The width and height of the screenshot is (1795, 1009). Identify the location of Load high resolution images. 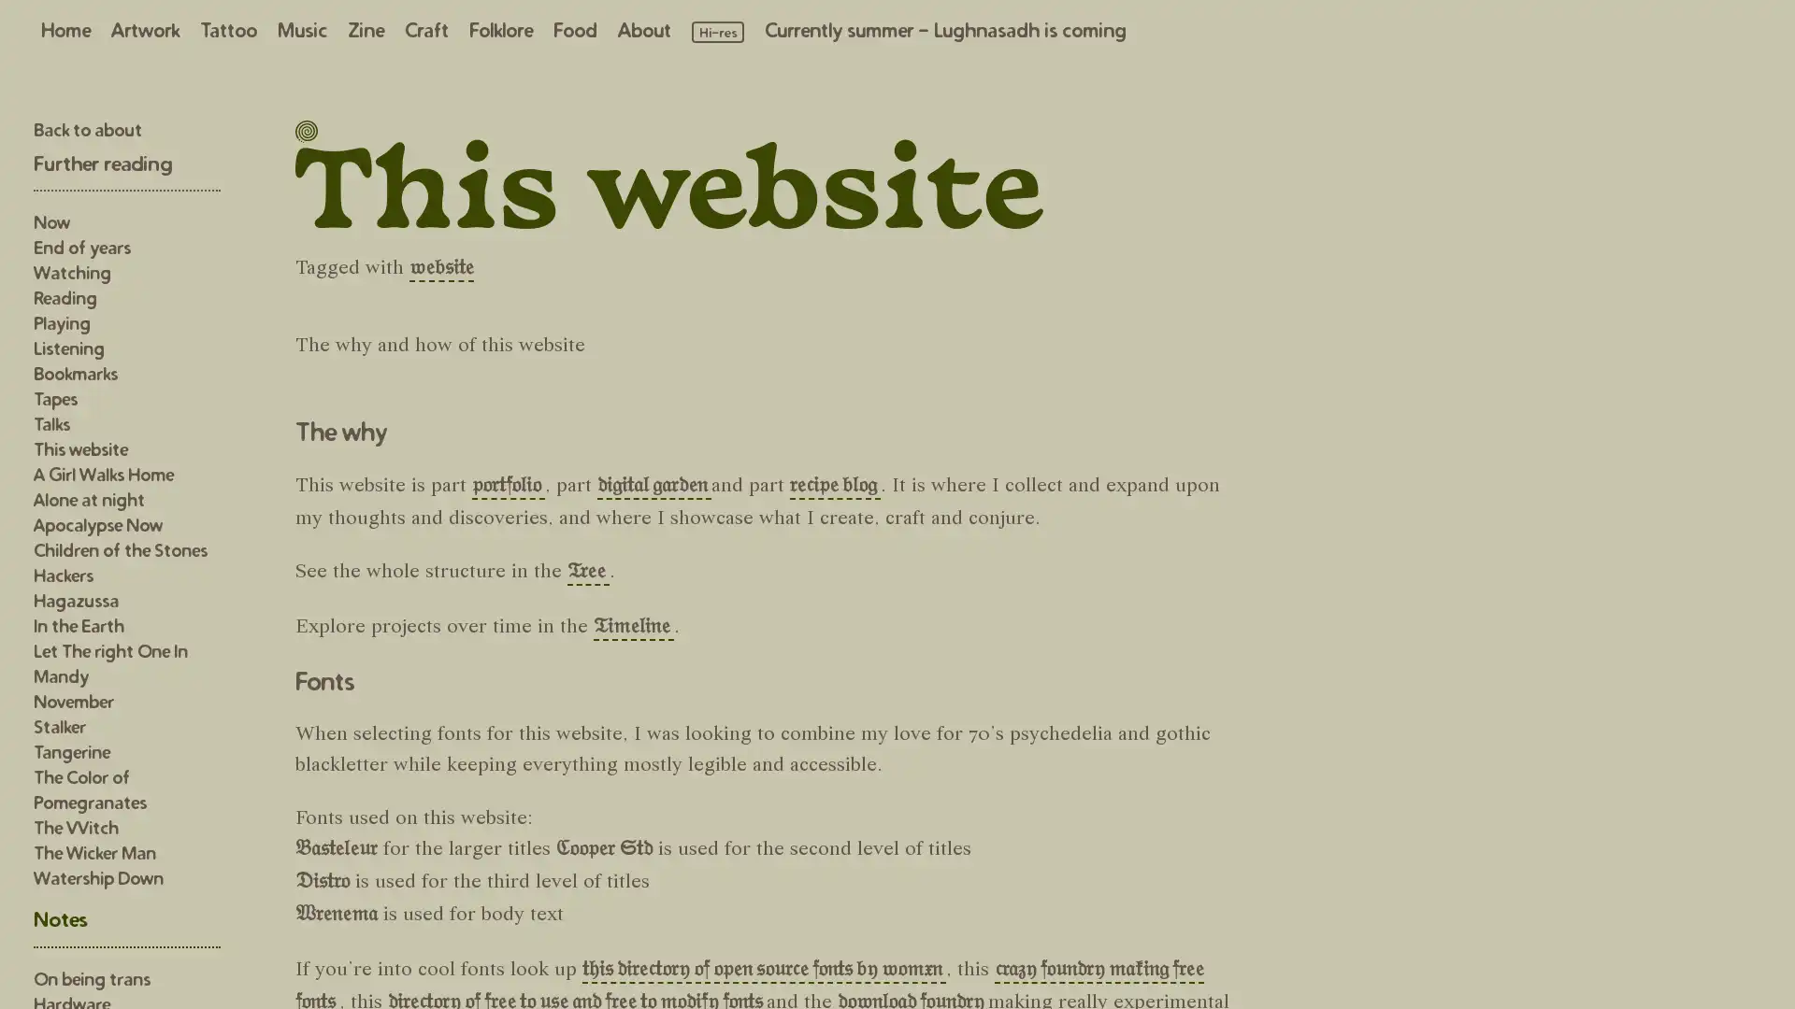
(717, 32).